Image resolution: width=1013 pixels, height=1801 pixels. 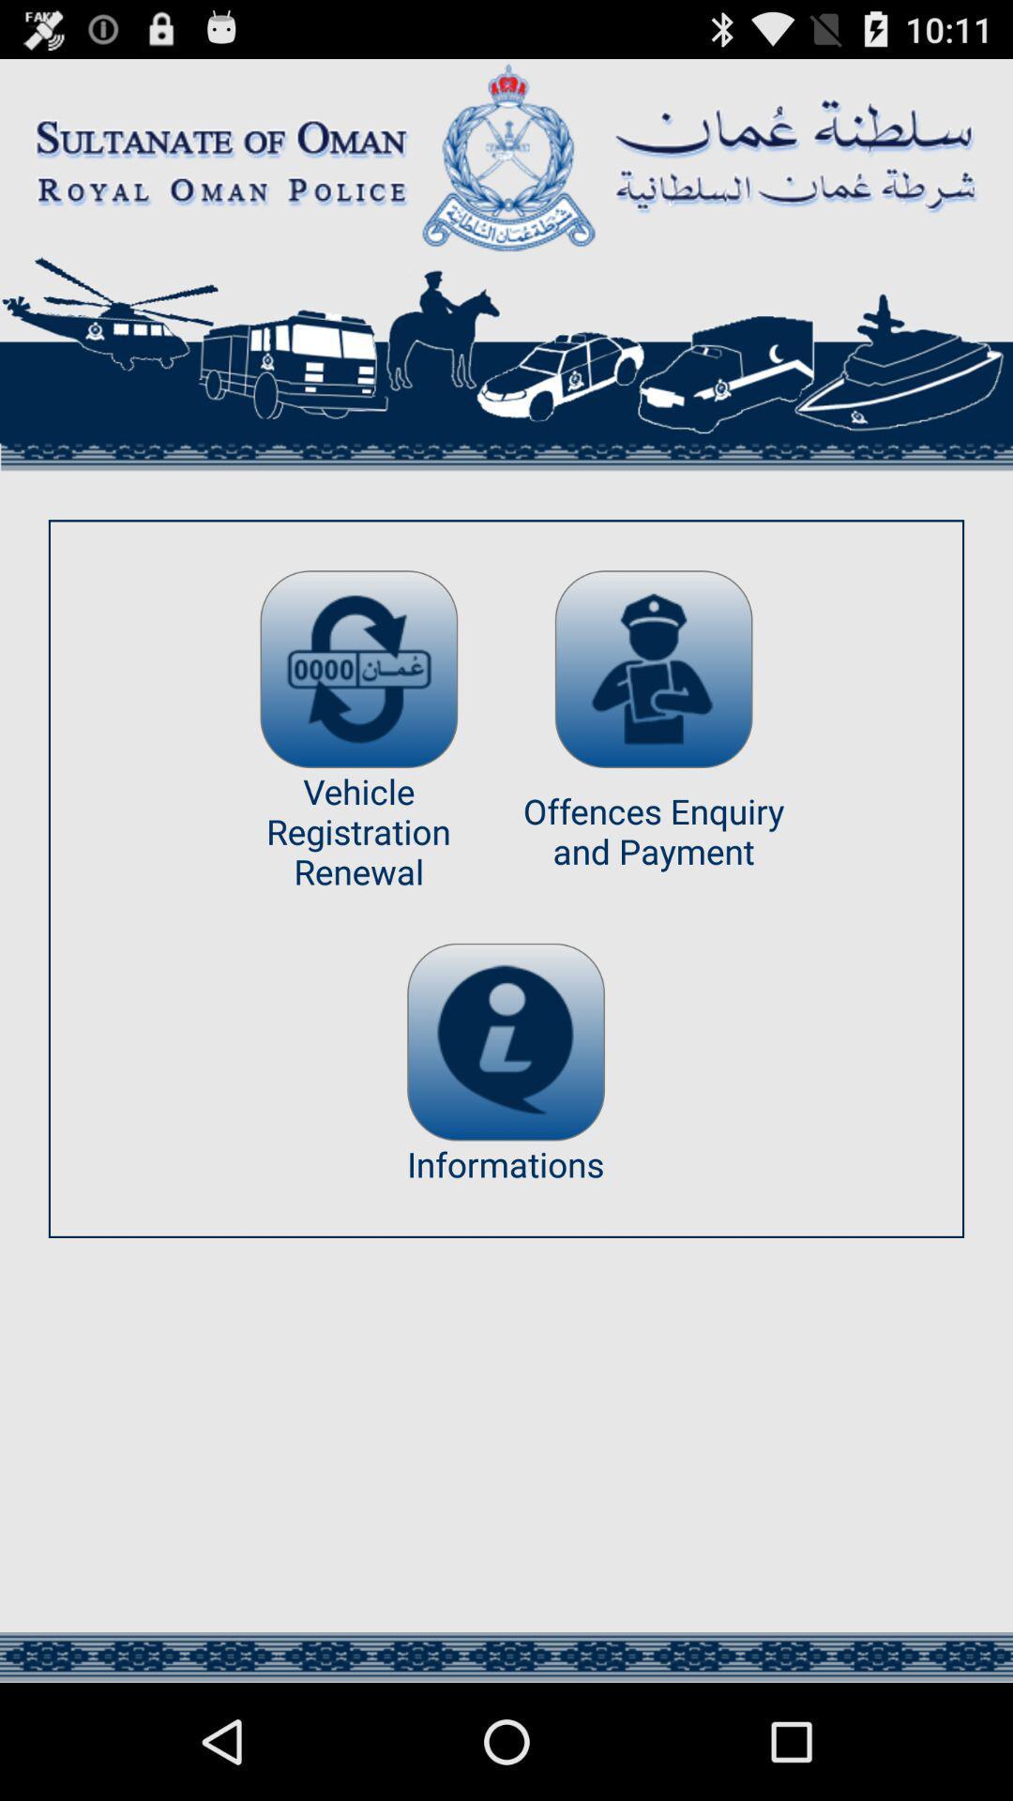 What do you see at coordinates (653, 669) in the screenshot?
I see `open offences enquiry` at bounding box center [653, 669].